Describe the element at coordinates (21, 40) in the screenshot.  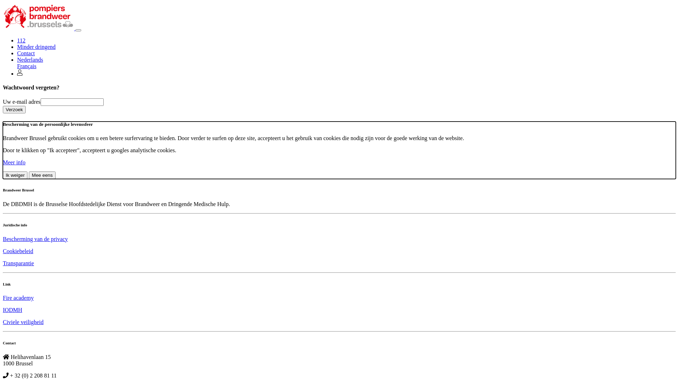
I see `'112'` at that location.